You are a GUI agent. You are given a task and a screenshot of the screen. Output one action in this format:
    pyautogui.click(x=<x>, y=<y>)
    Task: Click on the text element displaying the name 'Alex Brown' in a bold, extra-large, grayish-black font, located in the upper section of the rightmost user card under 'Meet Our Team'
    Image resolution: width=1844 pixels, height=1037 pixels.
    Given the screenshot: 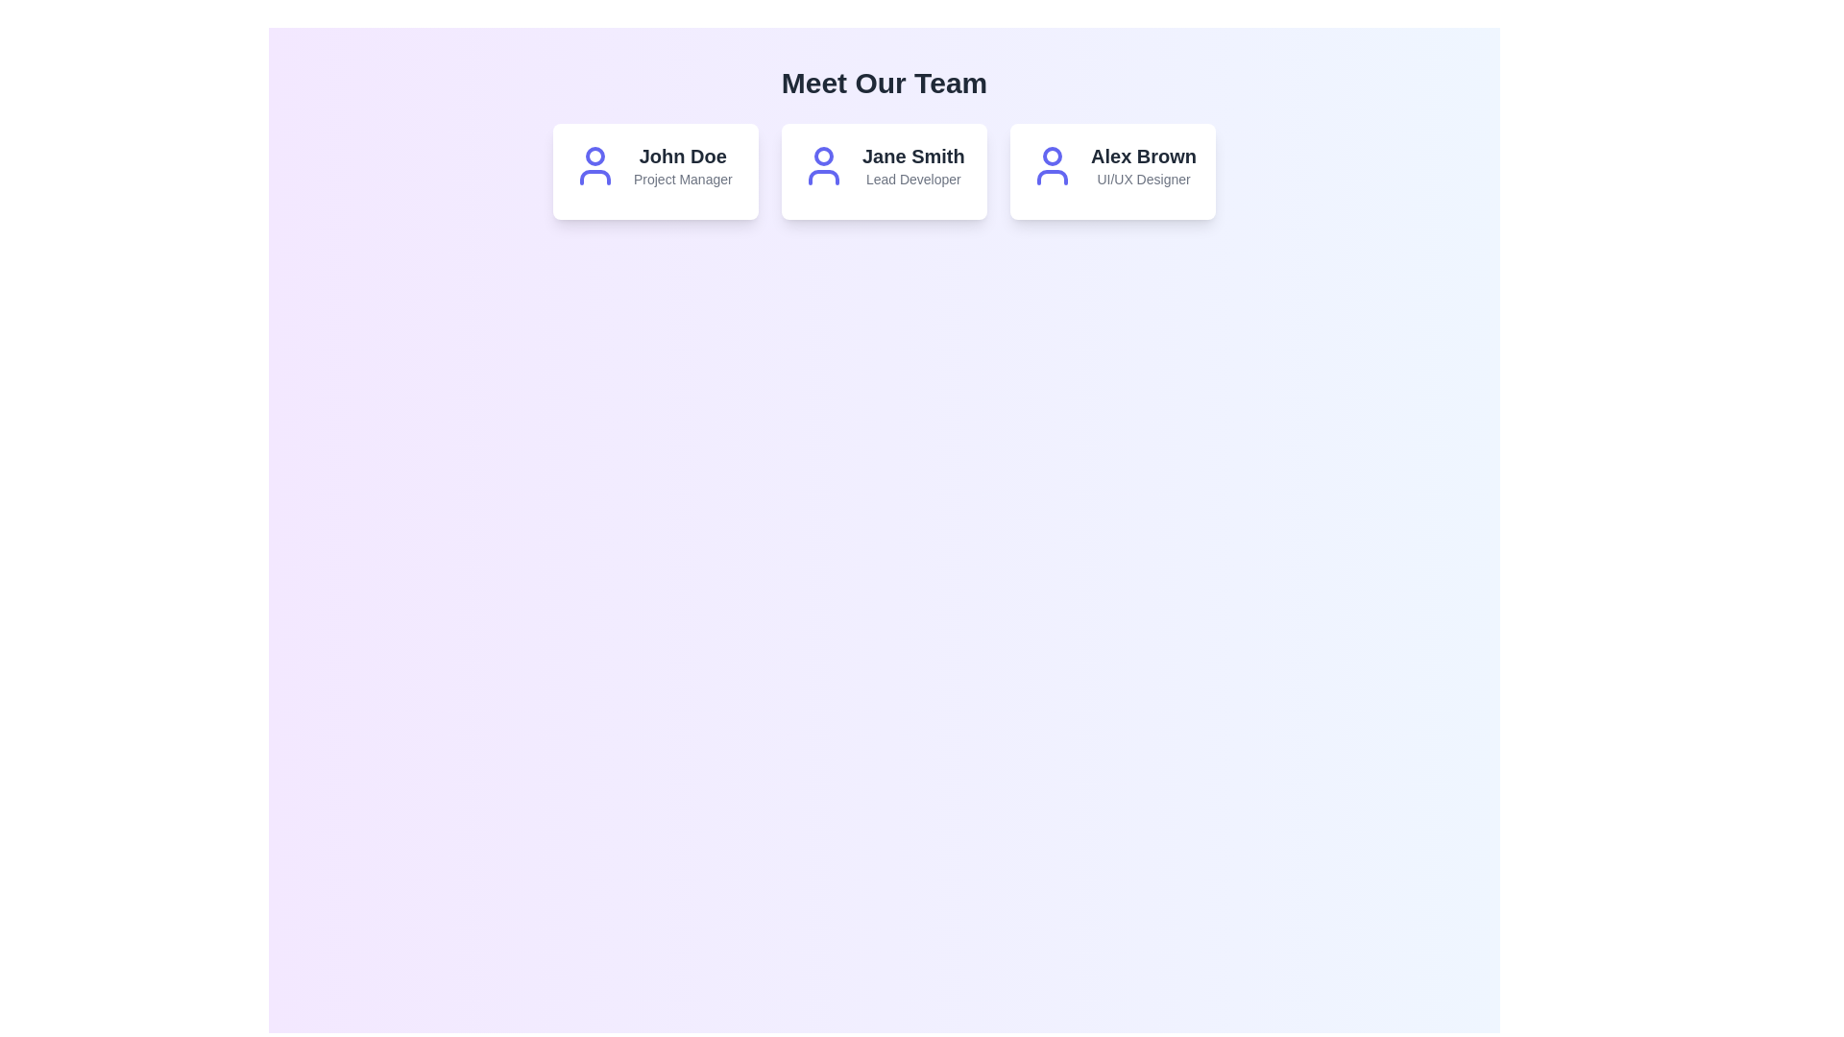 What is the action you would take?
    pyautogui.click(x=1143, y=155)
    